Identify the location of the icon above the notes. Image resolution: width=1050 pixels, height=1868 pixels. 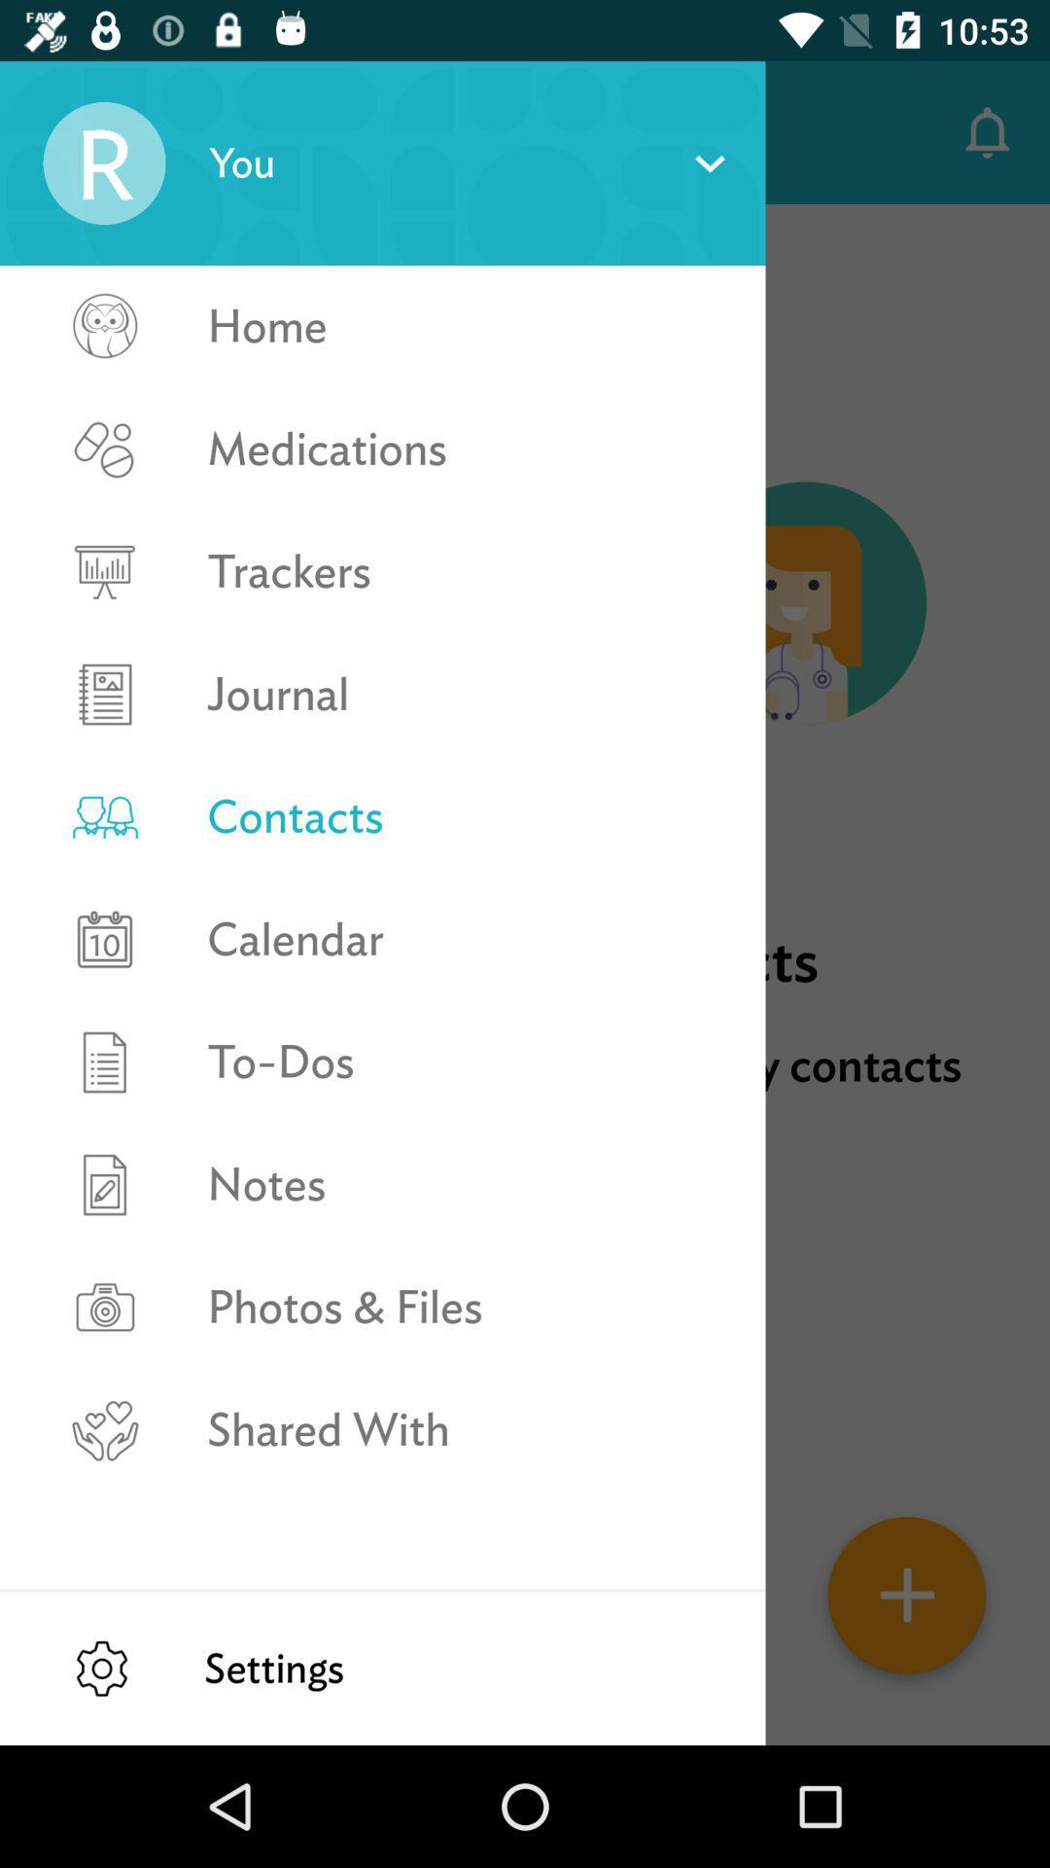
(466, 1060).